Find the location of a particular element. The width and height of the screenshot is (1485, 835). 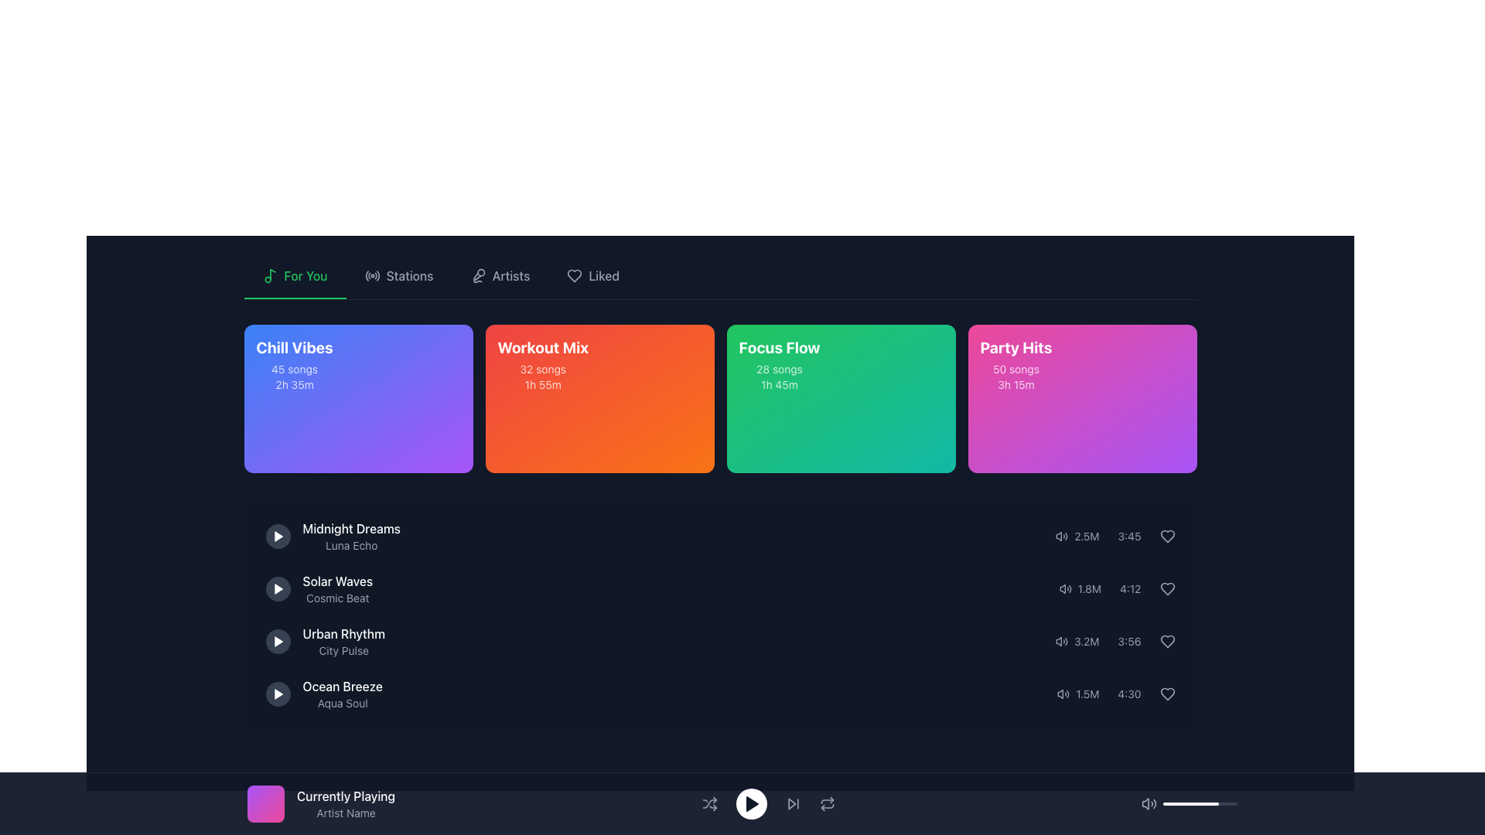

the informational display box that shows the currently playing song's title and artist, located at the bottom-left corner of the player bar is located at coordinates (742, 803).